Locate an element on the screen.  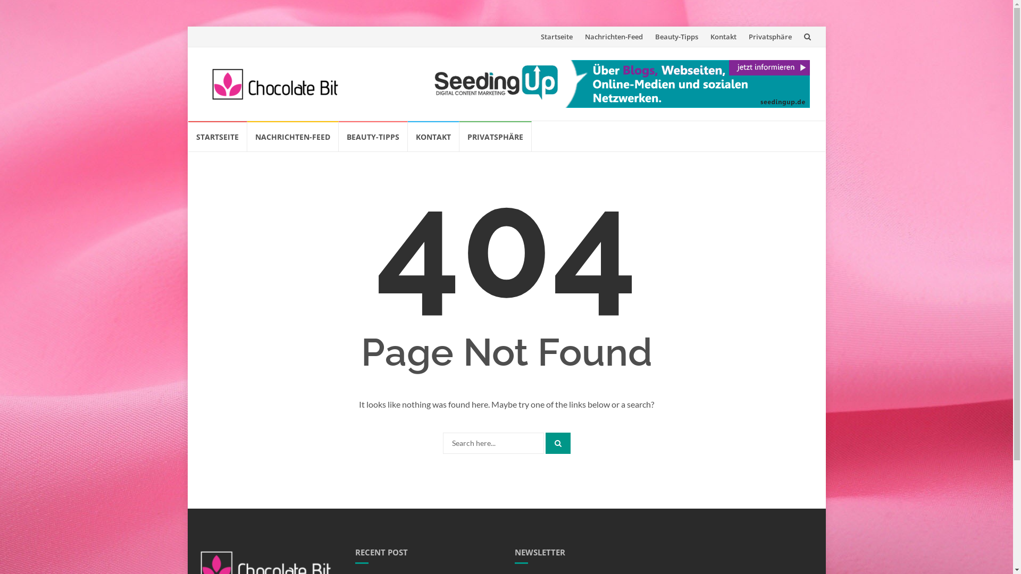
'STARTSEITE' is located at coordinates (217, 136).